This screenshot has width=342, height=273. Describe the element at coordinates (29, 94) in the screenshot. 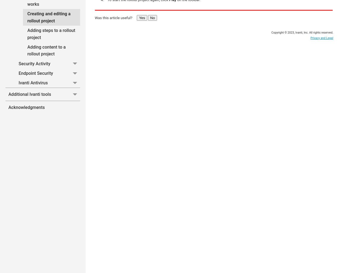

I see `'Additional Ivanti tools'` at that location.